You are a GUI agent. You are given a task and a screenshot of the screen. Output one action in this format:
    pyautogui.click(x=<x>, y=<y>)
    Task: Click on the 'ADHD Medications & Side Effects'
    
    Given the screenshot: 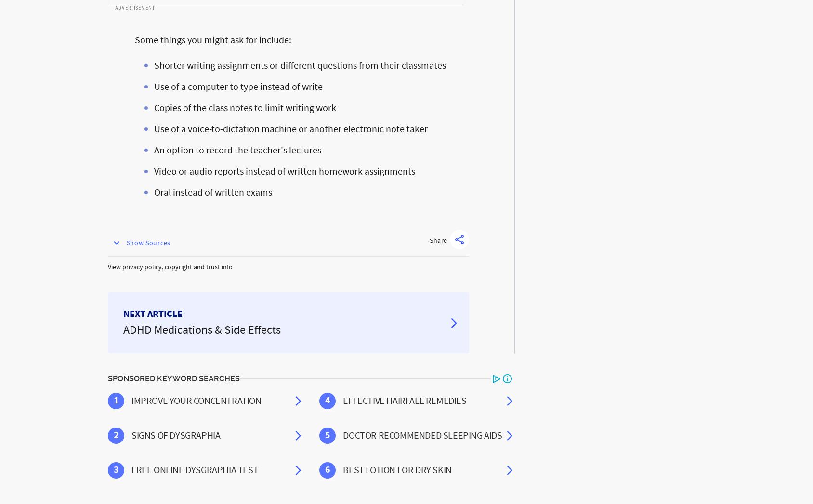 What is the action you would take?
    pyautogui.click(x=202, y=329)
    